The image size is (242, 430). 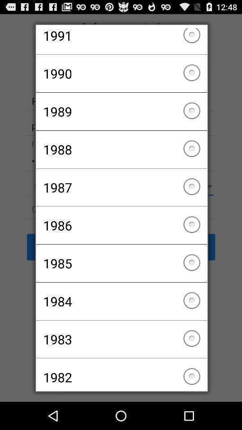 What do you see at coordinates (121, 187) in the screenshot?
I see `the 1987` at bounding box center [121, 187].